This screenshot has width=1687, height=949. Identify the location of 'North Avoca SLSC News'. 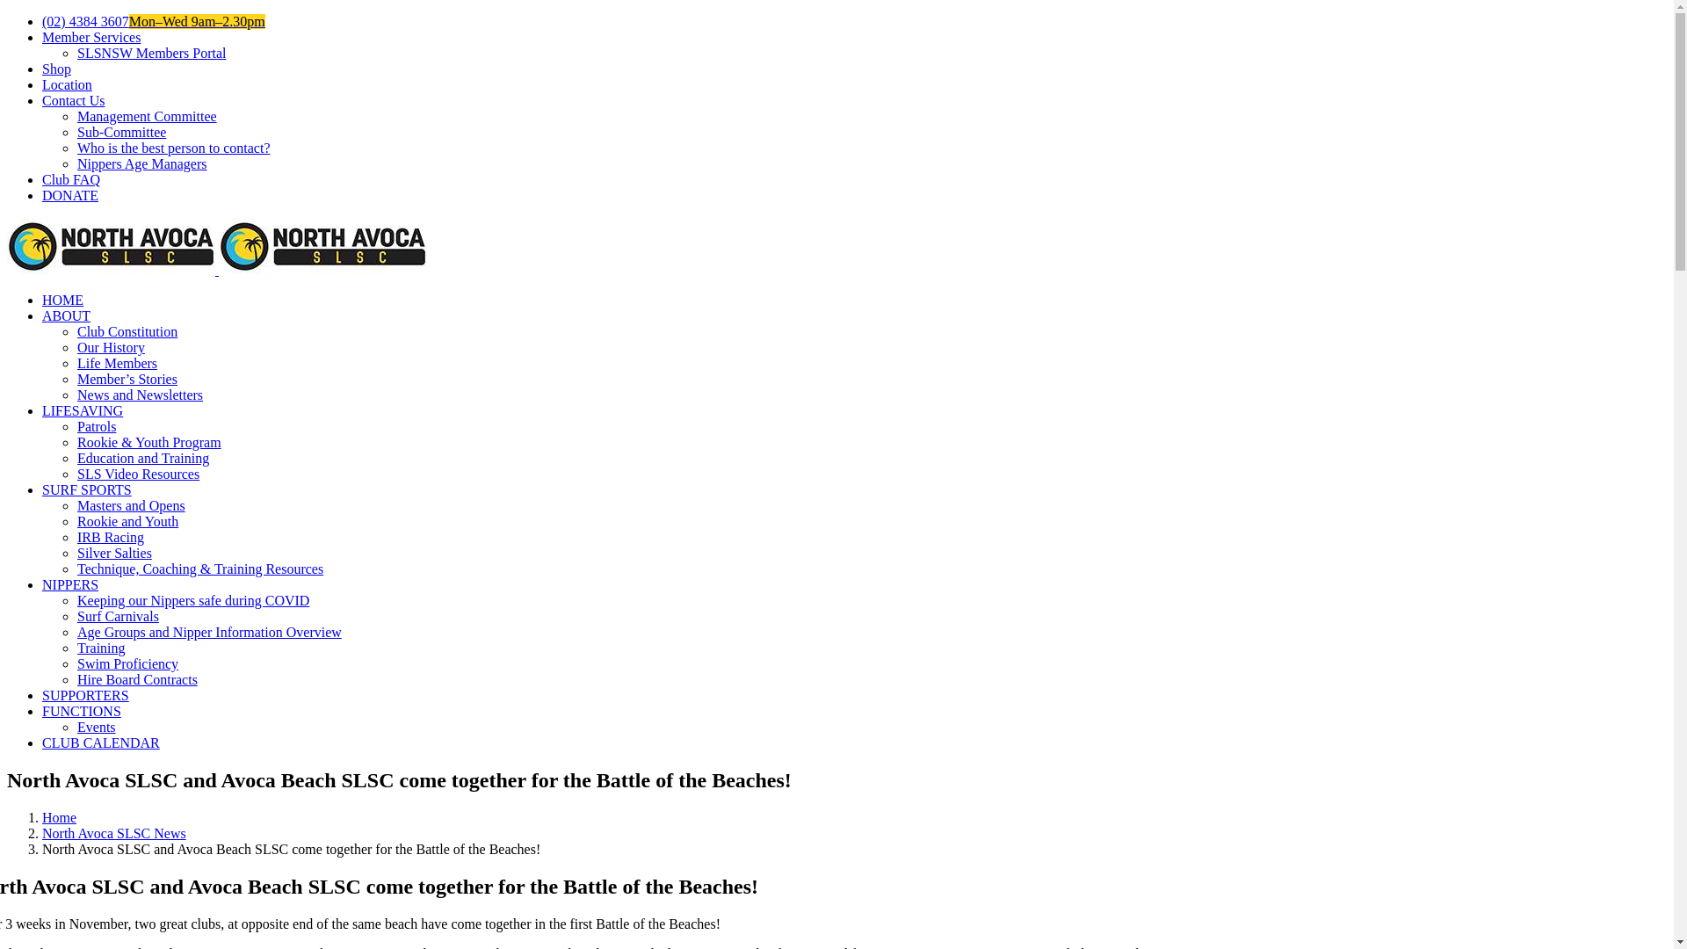
(112, 832).